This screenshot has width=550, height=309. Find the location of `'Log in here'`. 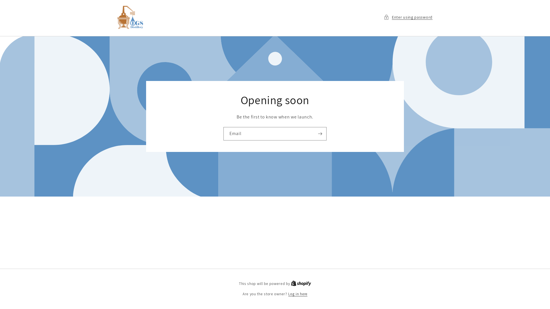

'Log in here' is located at coordinates (298, 294).